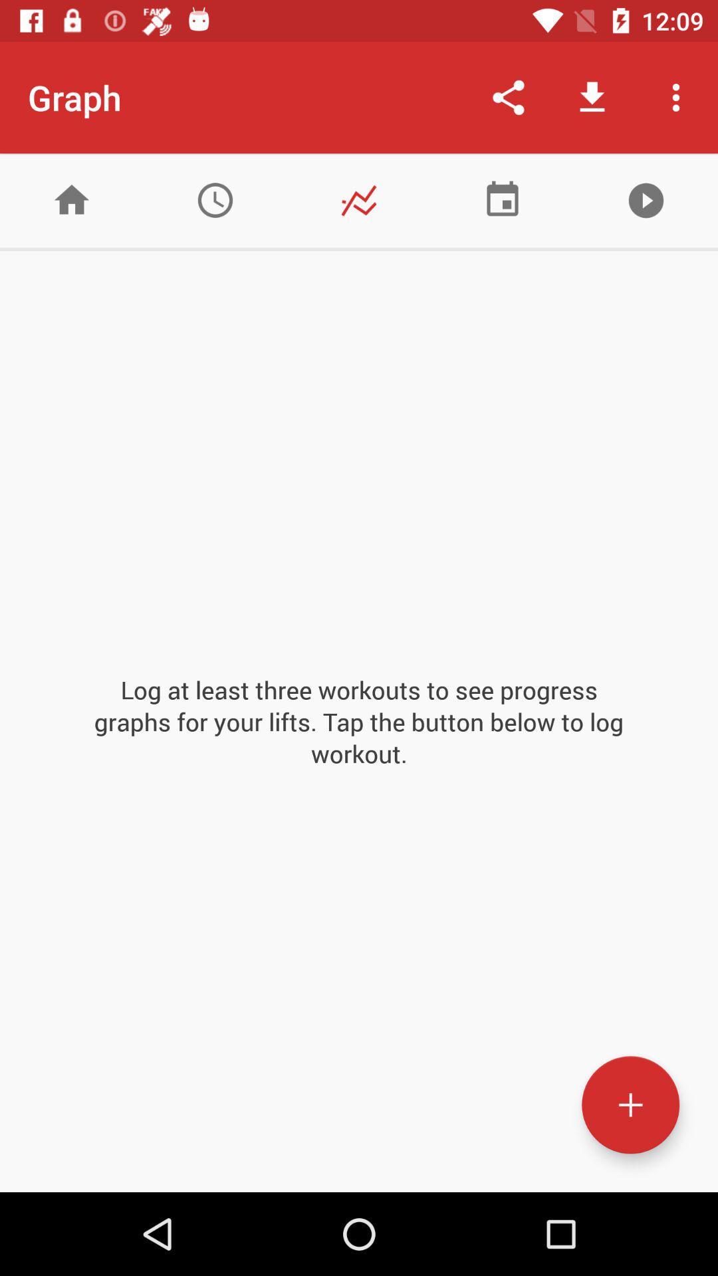  I want to click on the add icon, so click(630, 1105).